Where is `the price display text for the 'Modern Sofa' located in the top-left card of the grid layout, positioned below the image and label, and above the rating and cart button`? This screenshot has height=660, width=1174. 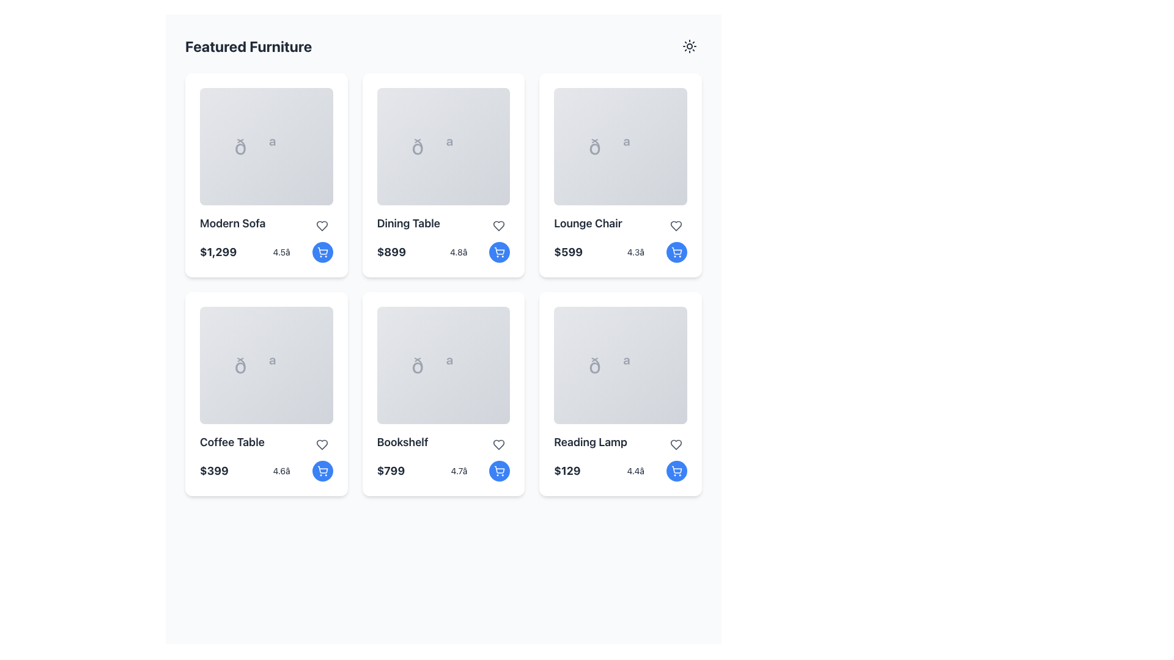
the price display text for the 'Modern Sofa' located in the top-left card of the grid layout, positioned below the image and label, and above the rating and cart button is located at coordinates (218, 251).